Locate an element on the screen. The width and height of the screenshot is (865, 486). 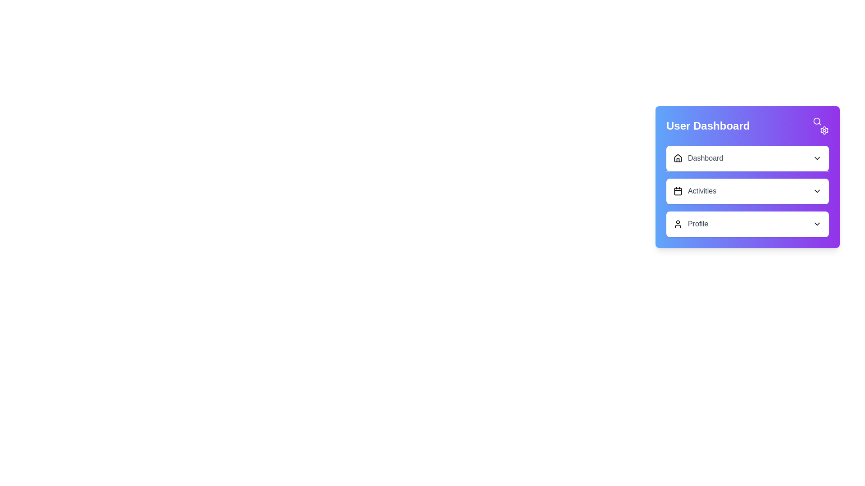
the first button in the sidebar labeled 'User Dashboard' is located at coordinates (698, 157).